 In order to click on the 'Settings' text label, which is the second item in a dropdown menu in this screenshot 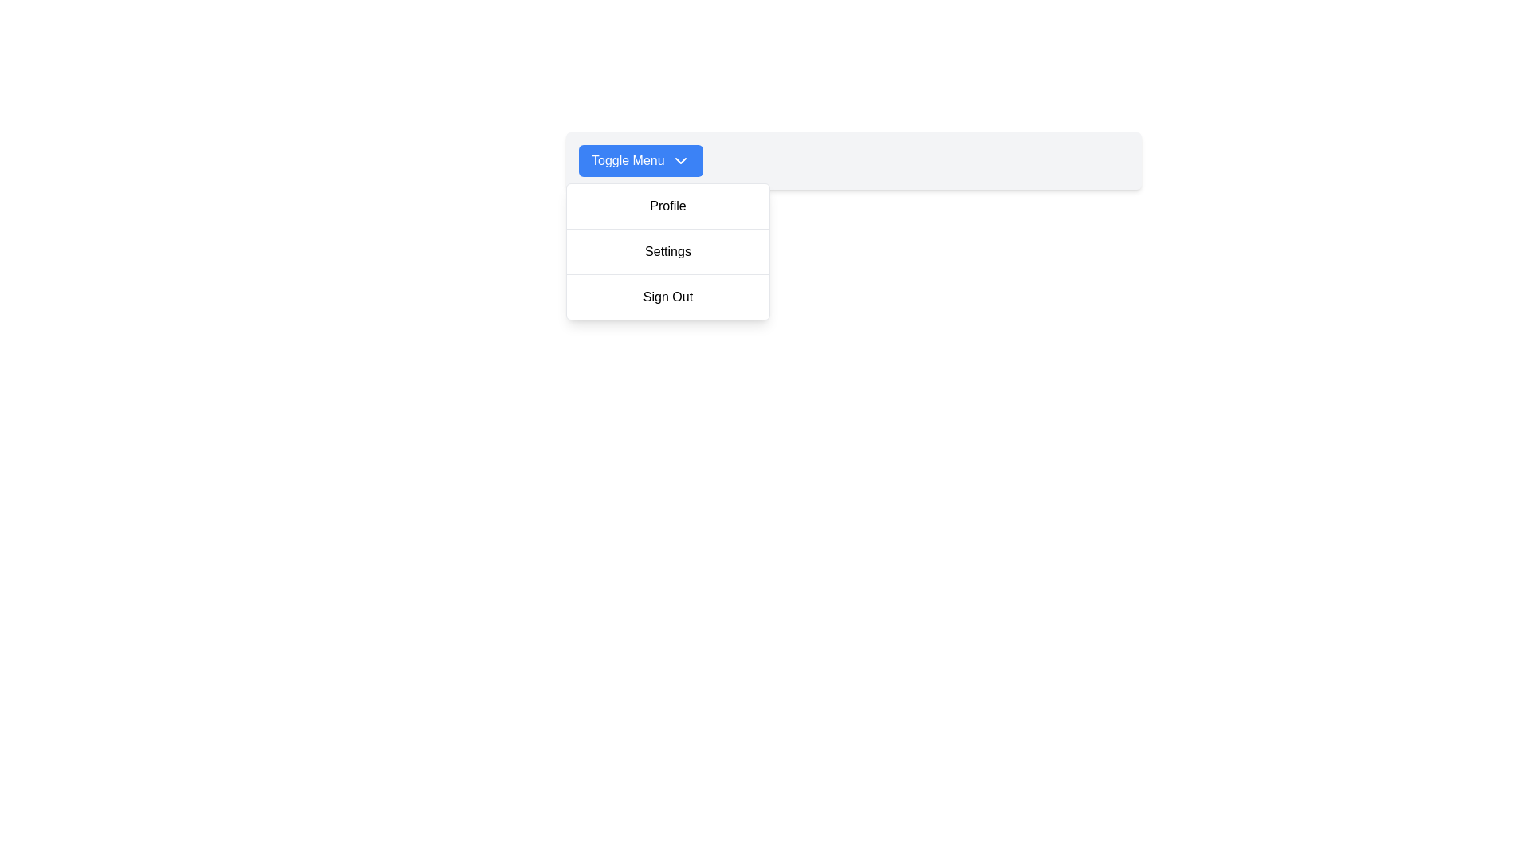, I will do `click(668, 251)`.